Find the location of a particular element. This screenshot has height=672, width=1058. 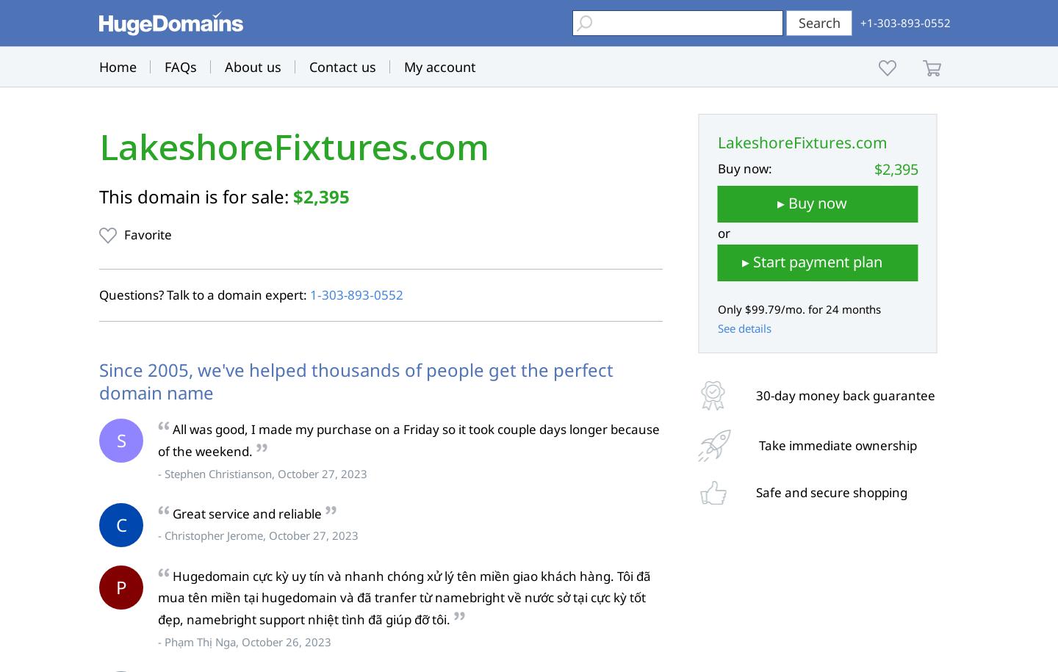

'Favorite' is located at coordinates (148, 234).